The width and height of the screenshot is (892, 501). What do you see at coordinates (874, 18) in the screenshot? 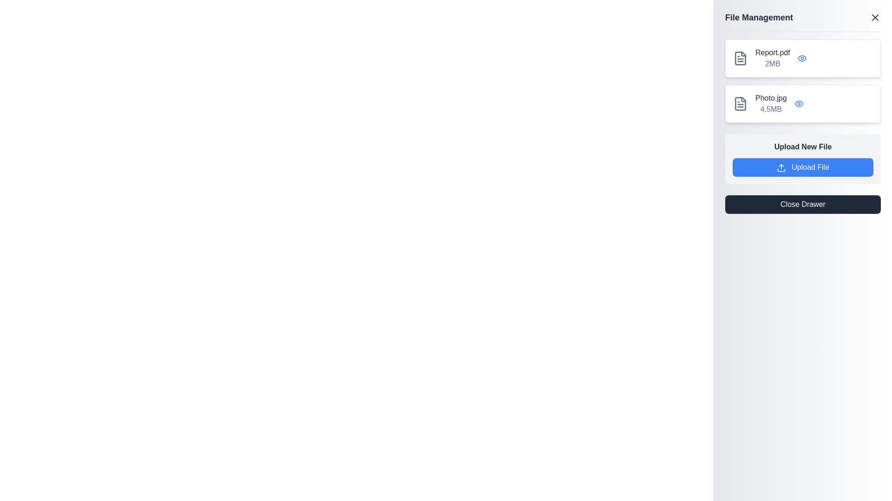
I see `the X-shaped close icon located in the top-right corner of the 'File Management' sidebar` at bounding box center [874, 18].